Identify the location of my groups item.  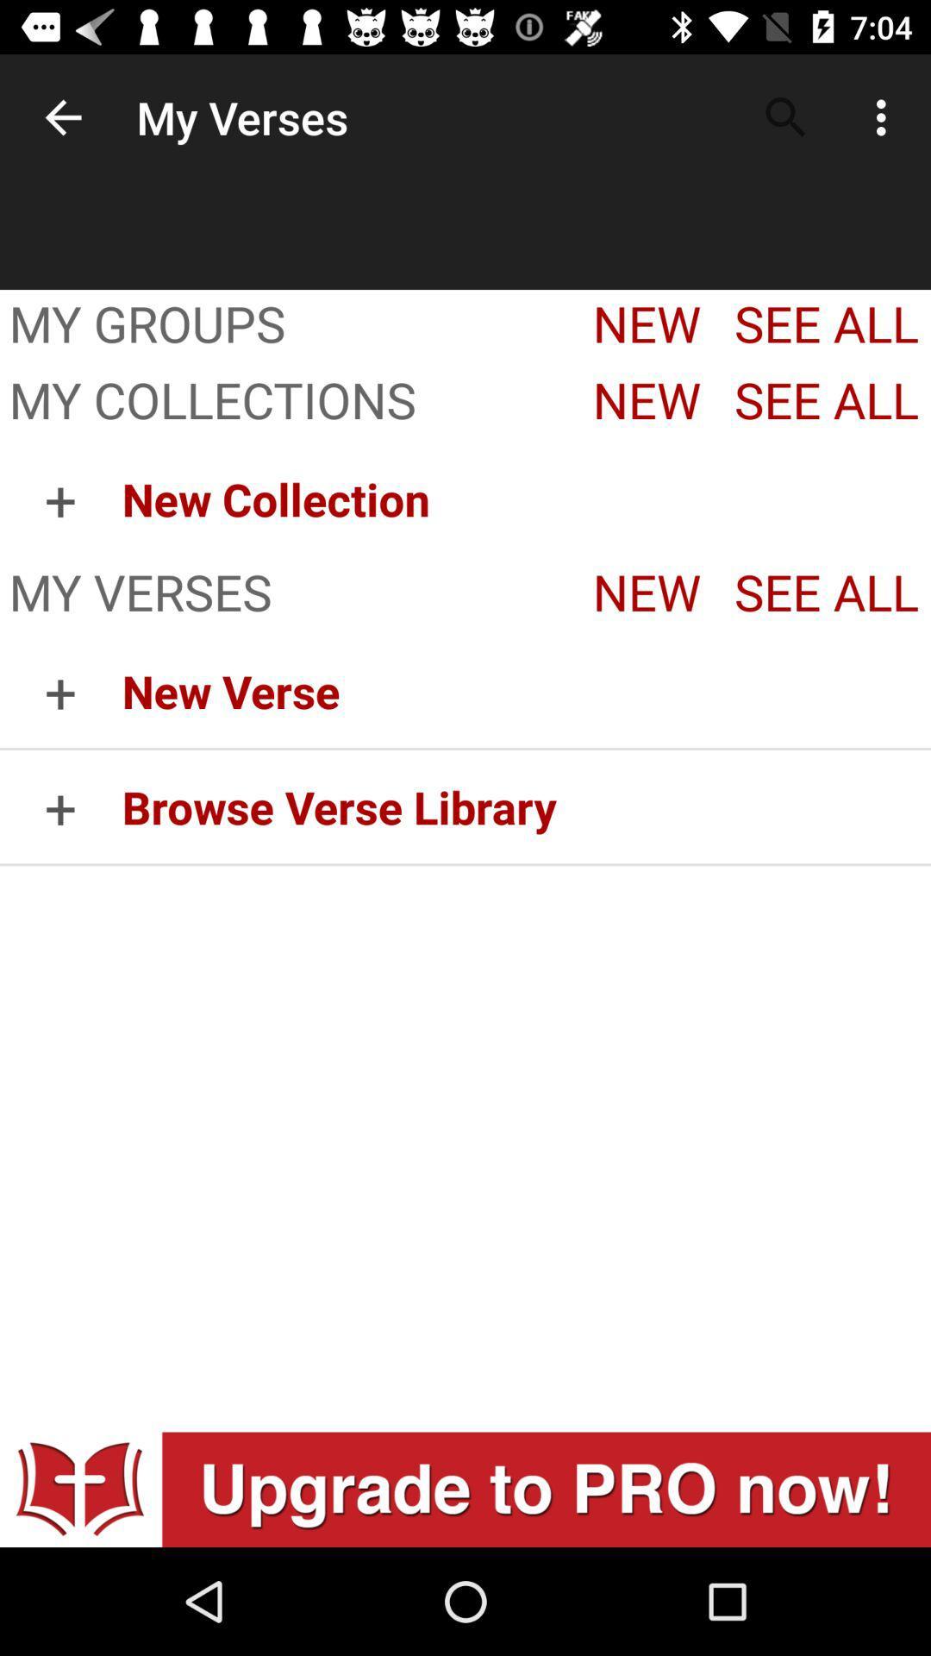
(284, 326).